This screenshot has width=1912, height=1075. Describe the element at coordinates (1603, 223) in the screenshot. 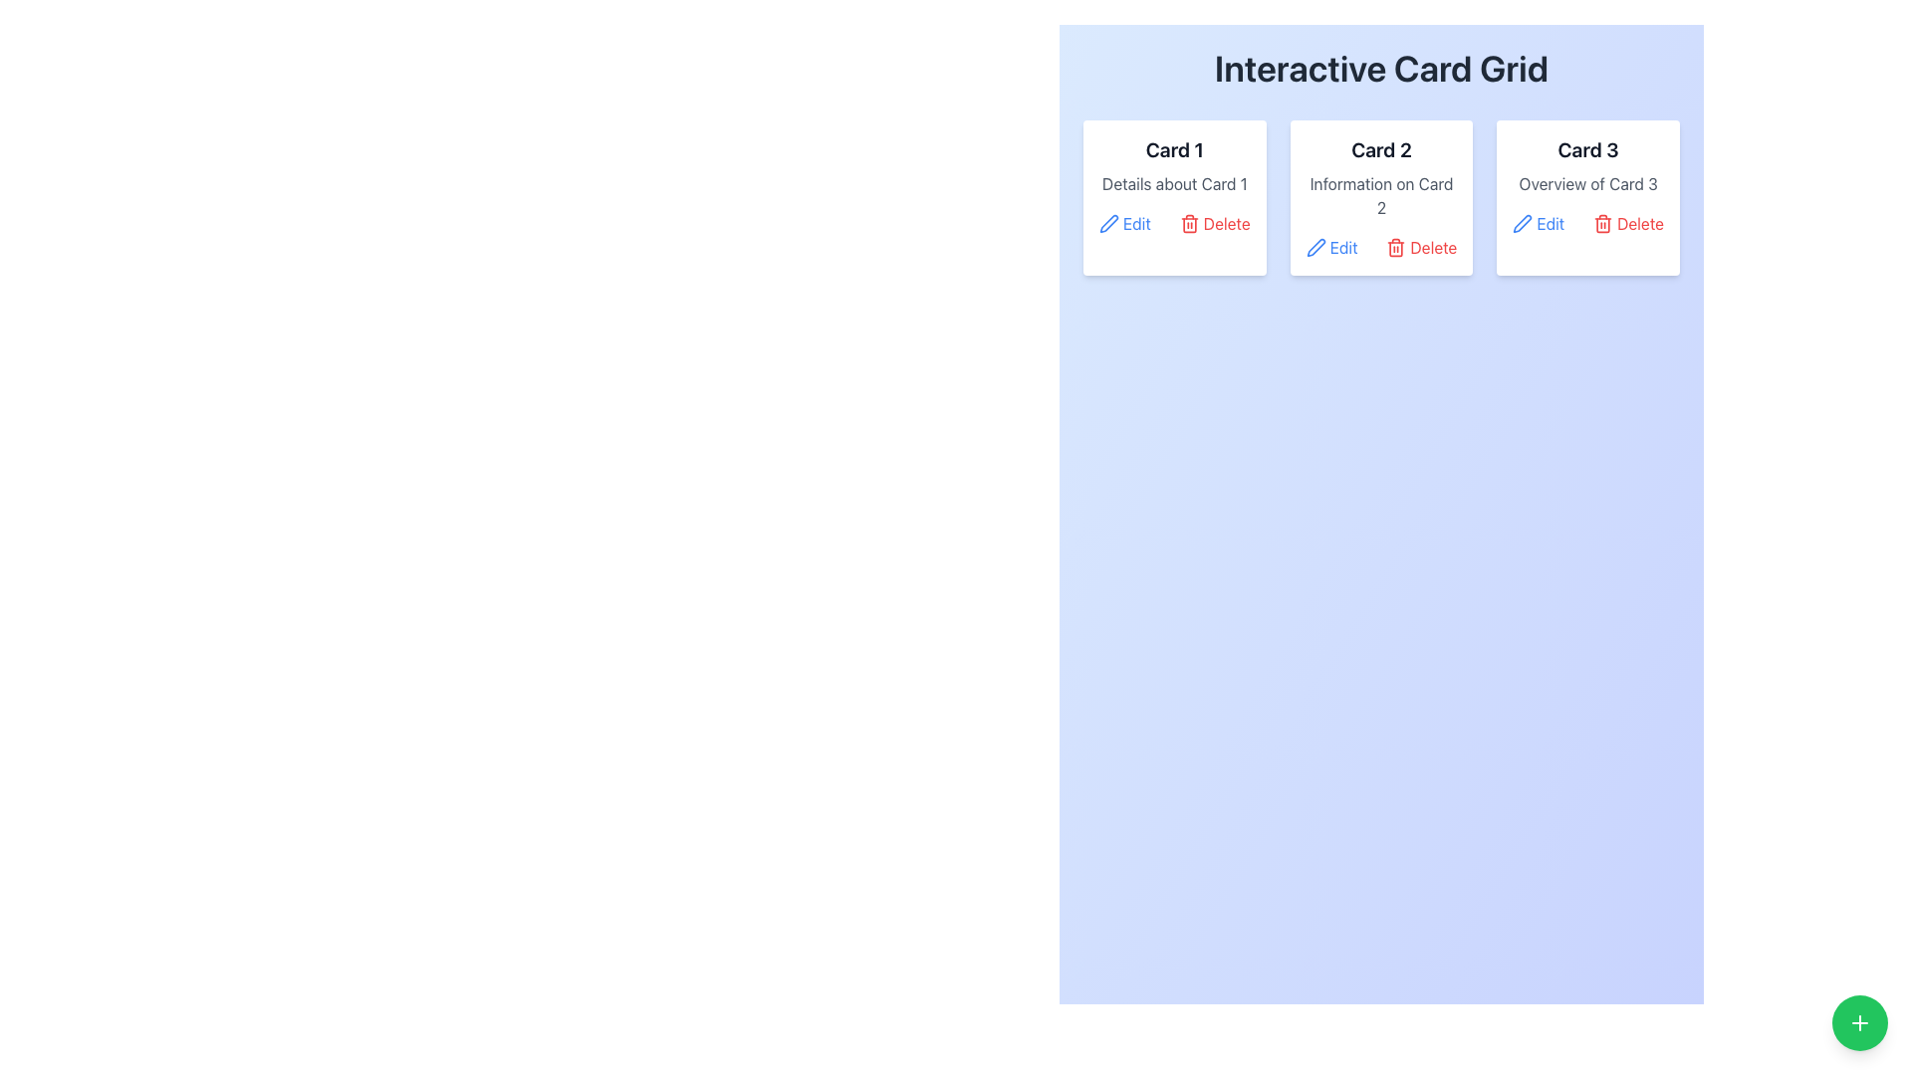

I see `the small red trash bin icon located on the right side of the text 'Delete' within the rightmost card of the horizontal card list` at that location.